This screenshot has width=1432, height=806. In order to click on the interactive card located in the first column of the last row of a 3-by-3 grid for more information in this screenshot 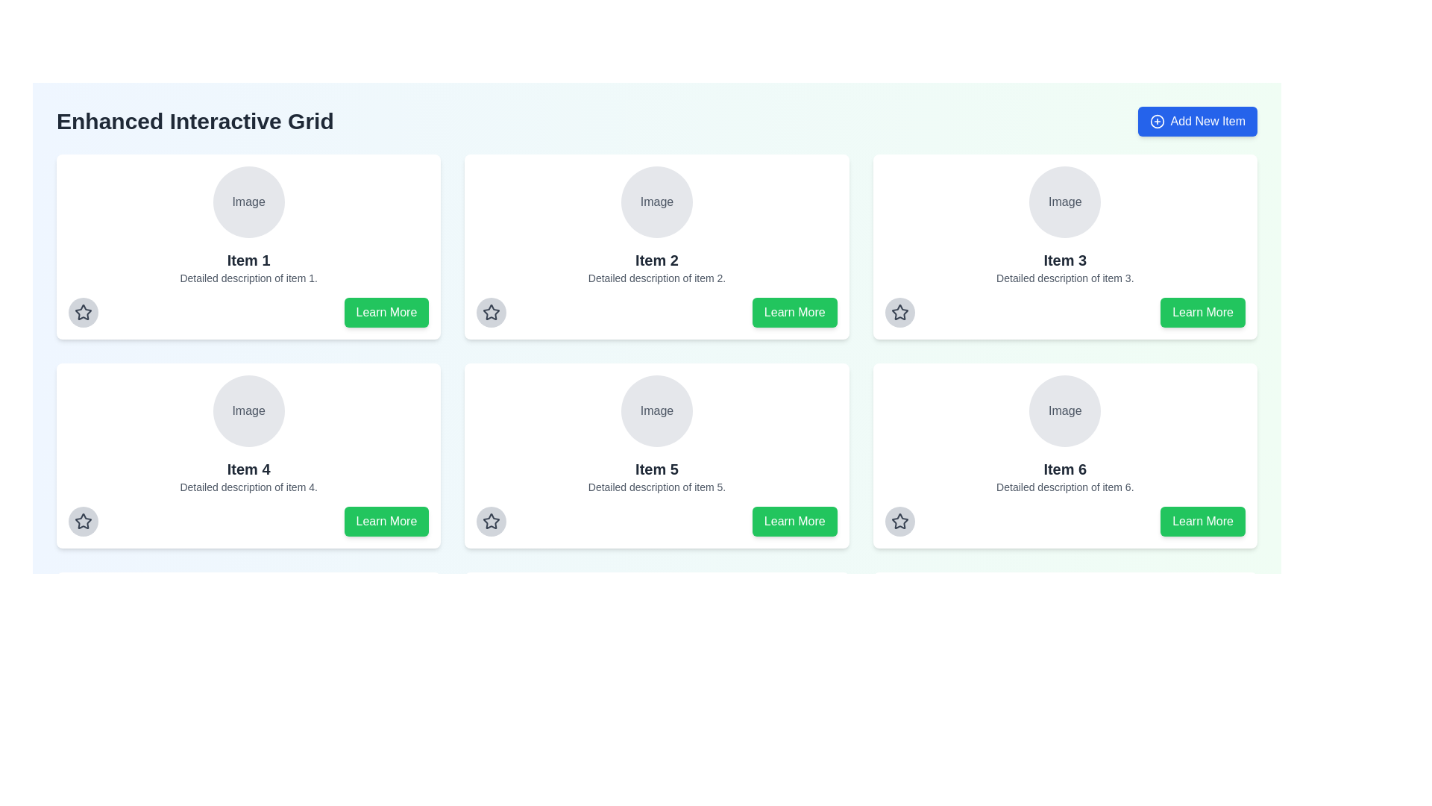, I will do `click(248, 664)`.